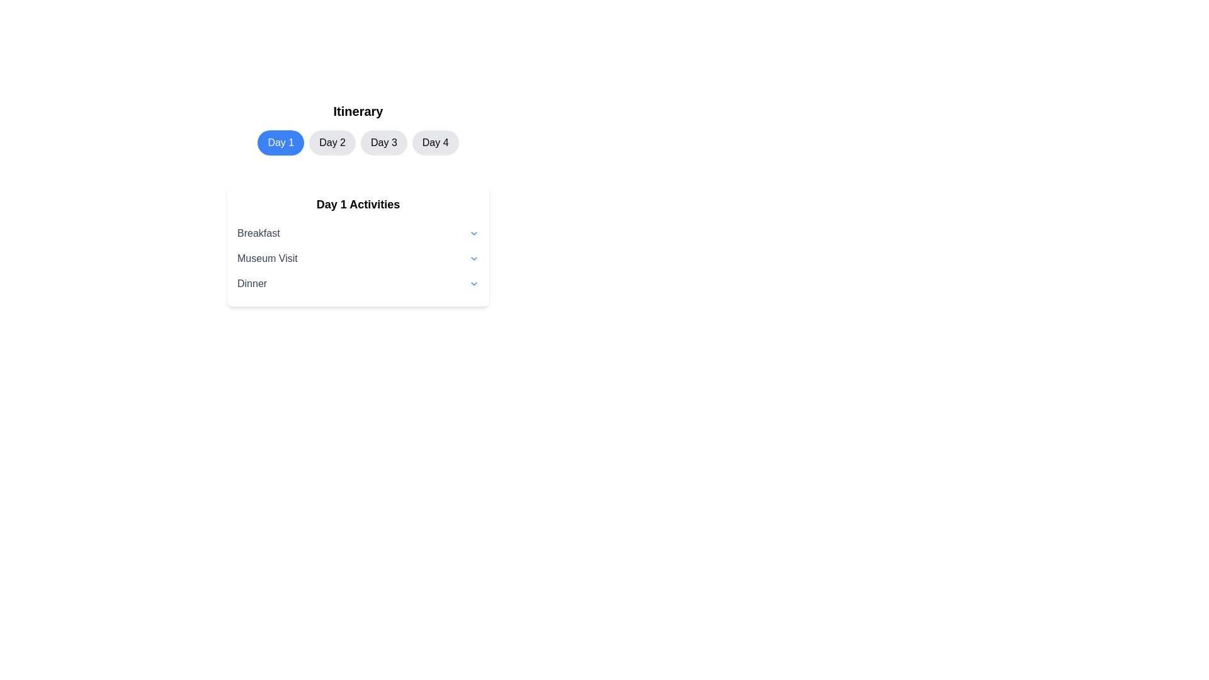 The width and height of the screenshot is (1209, 680). Describe the element at coordinates (474, 258) in the screenshot. I see `the chevron-shaped down-arrow icon styled in blue at the end of the 'Museum Visit' row to observe the hover effects transitioning to a darker blue` at that location.